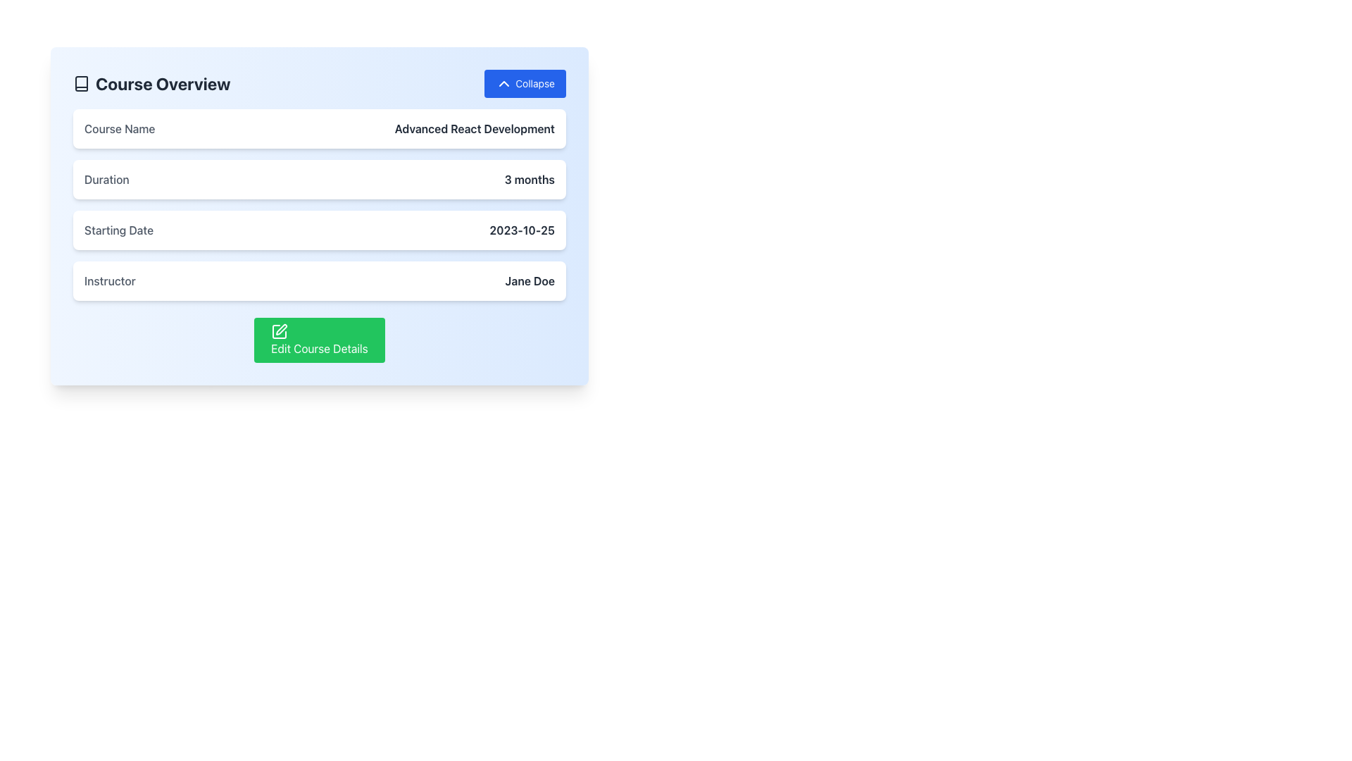 This screenshot has height=761, width=1352. What do you see at coordinates (525, 84) in the screenshot?
I see `the button that toggles the visibility of the content section, located on the right side of the 'Course Overview' header` at bounding box center [525, 84].